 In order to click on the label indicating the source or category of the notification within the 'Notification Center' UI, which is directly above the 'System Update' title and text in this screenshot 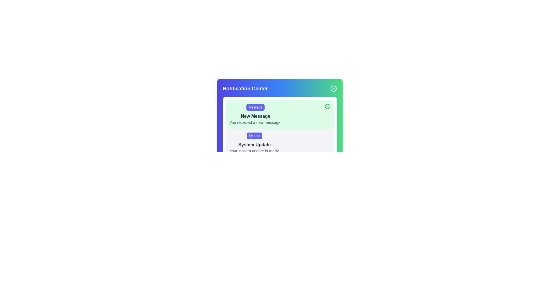, I will do `click(254, 136)`.